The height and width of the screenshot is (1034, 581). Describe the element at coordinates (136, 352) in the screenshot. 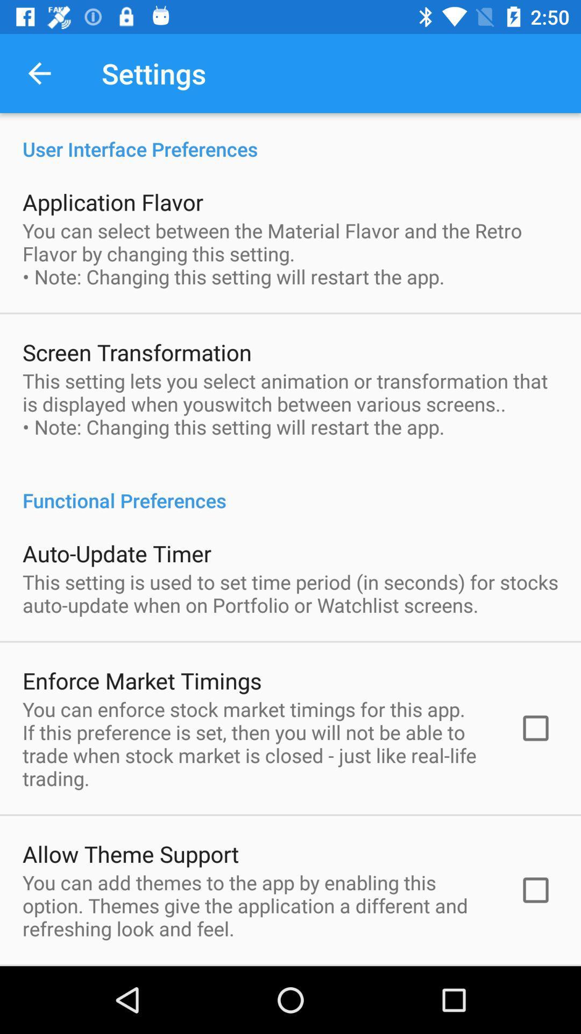

I see `icon above this setting lets item` at that location.